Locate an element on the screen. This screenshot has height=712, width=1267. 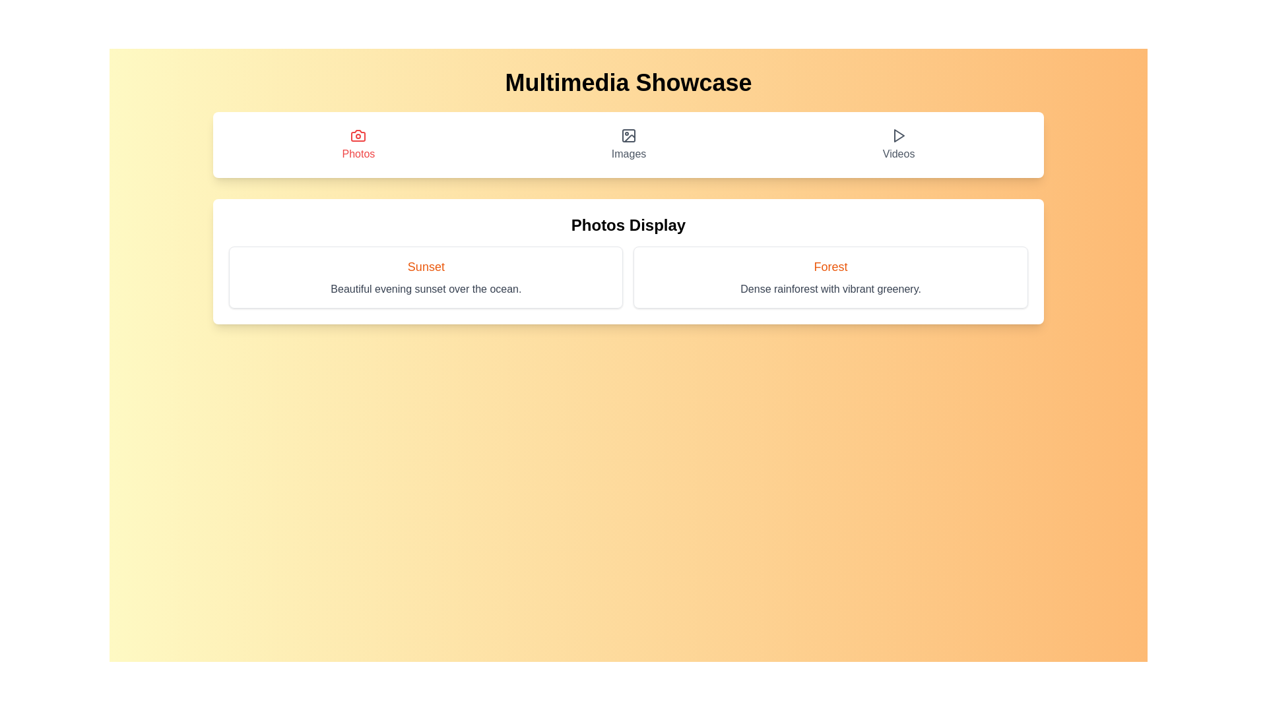
text label displaying 'Forest' in a prominent orange font located at the top of the bordered card in the 'Photos Display' section is located at coordinates (830, 267).